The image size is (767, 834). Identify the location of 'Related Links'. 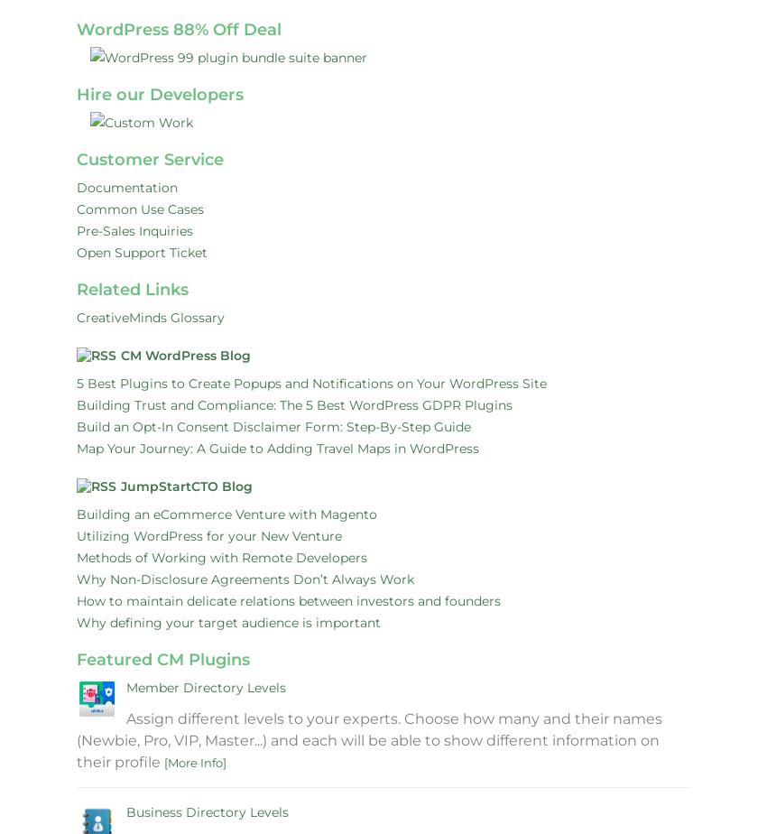
(77, 289).